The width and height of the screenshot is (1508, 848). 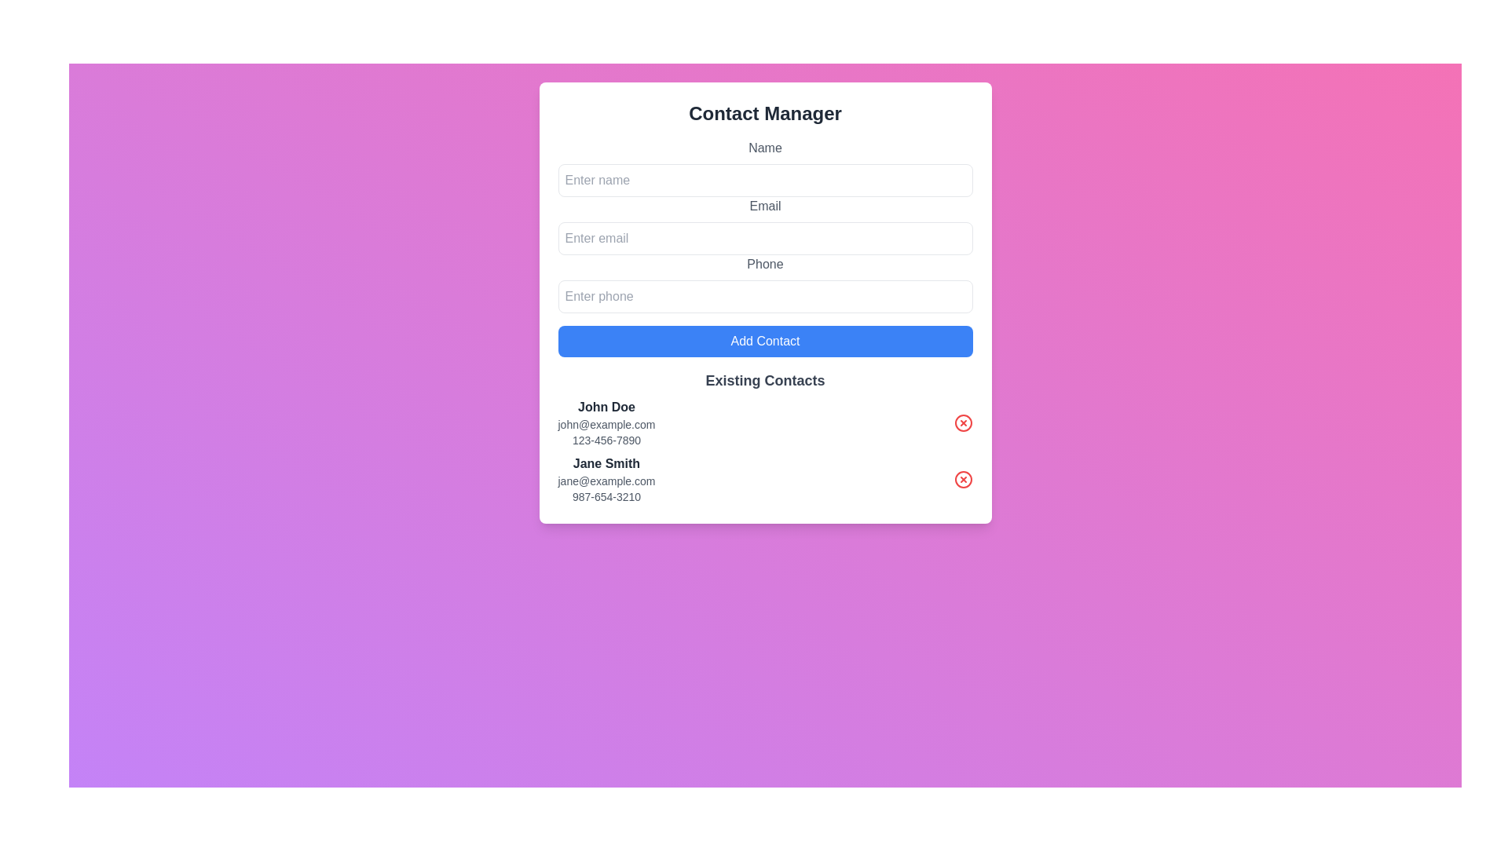 I want to click on the static text display showing the email 'jane@example.com' located below 'Jane Smith' and above '987-654-3210' in the 'Existing Contacts' section, so click(x=606, y=481).